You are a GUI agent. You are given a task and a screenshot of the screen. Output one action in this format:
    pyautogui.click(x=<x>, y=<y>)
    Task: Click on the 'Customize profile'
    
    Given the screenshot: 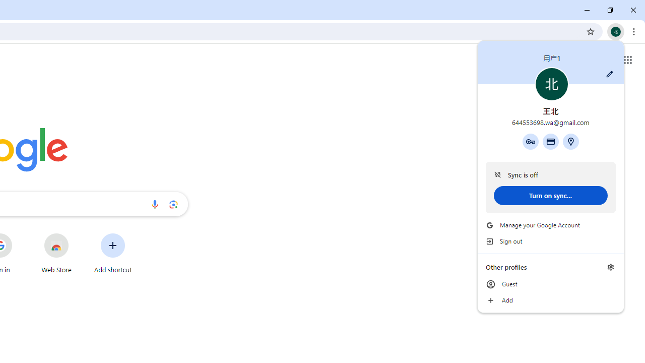 What is the action you would take?
    pyautogui.click(x=609, y=74)
    